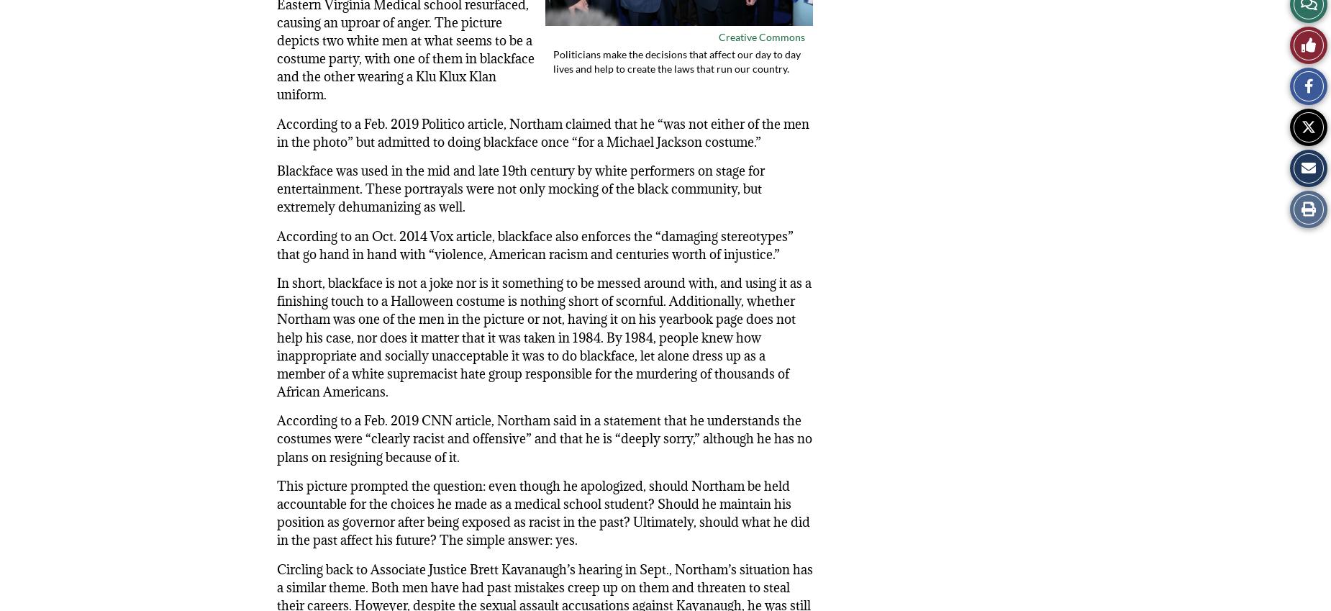 The image size is (1331, 611). I want to click on 'In short, blackface is not a joke nor is it something to be messed around with, and using it as a finishing touch to a Halloween costume is nothing short of scornful. Additionally, whether Northam was one of the men in the picture or not, having it on his yearbook page does not help his case, nor does it matter that it was taken in 1984. By 1984, people knew how inappropriate and socially unacceptable it was to do blackface, let alone dress up as a member of a white supremacist hate group responsible for the murdering of thousands of African Americans.', so click(544, 337).